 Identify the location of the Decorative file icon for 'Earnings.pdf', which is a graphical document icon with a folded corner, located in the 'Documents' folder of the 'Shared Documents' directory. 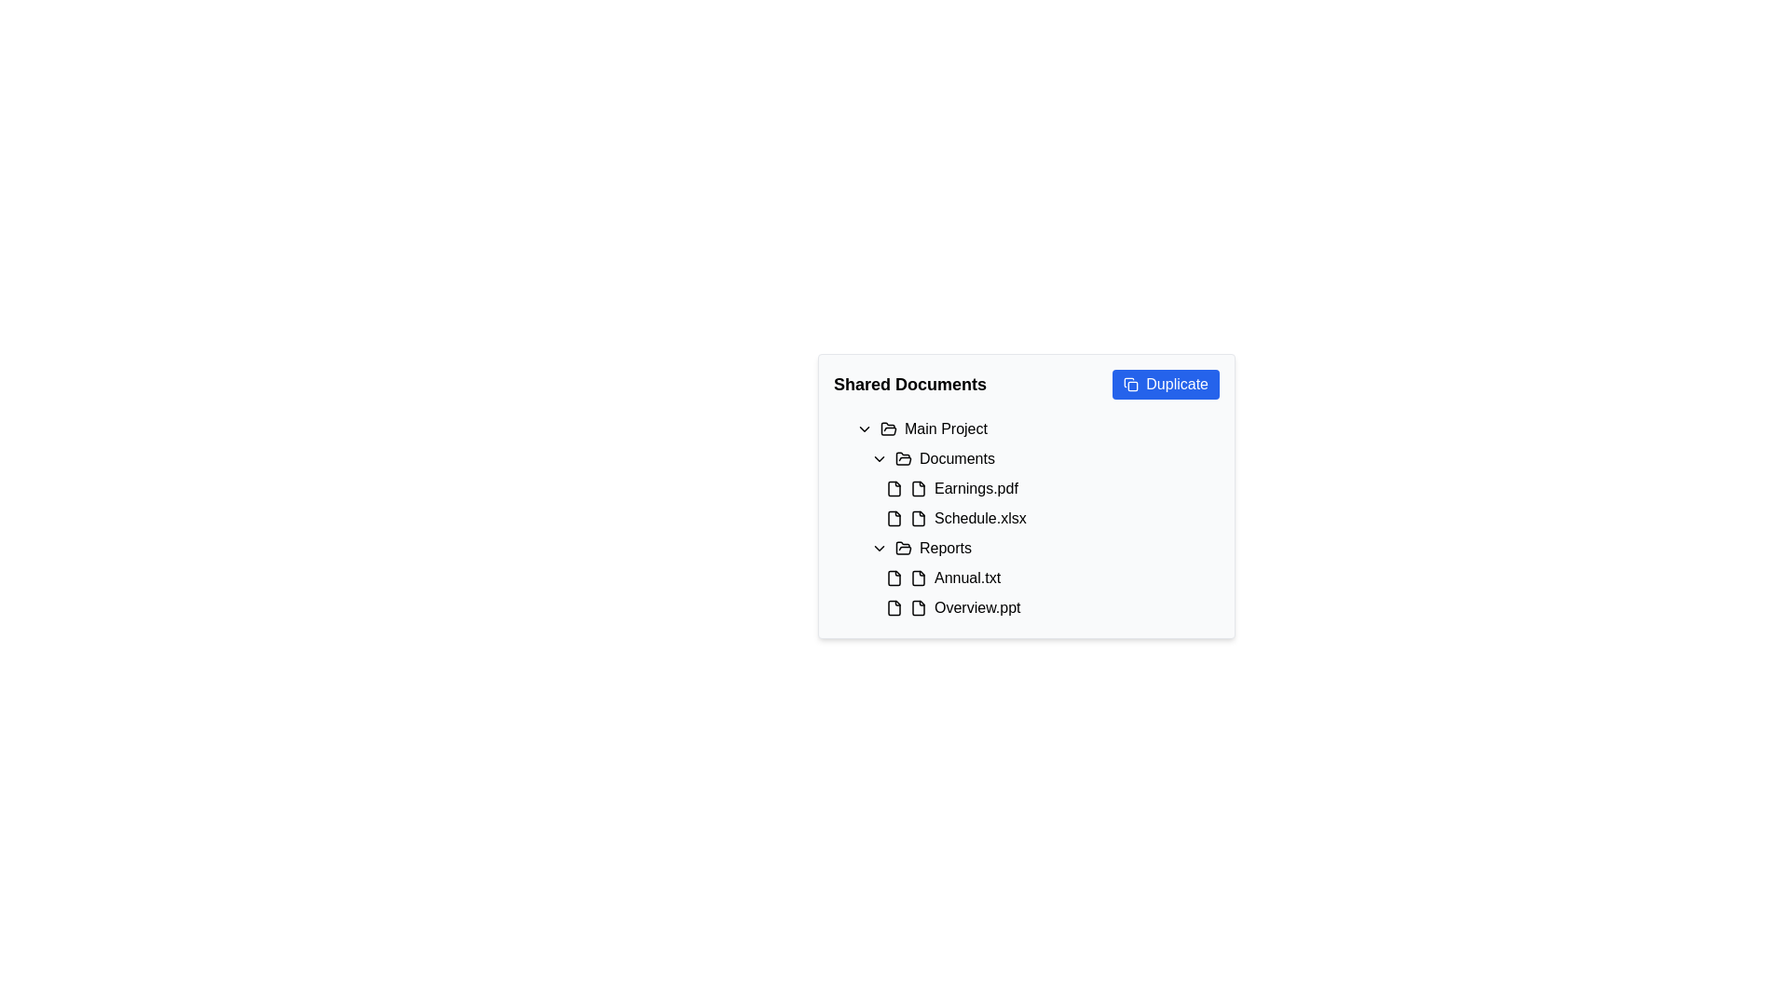
(894, 487).